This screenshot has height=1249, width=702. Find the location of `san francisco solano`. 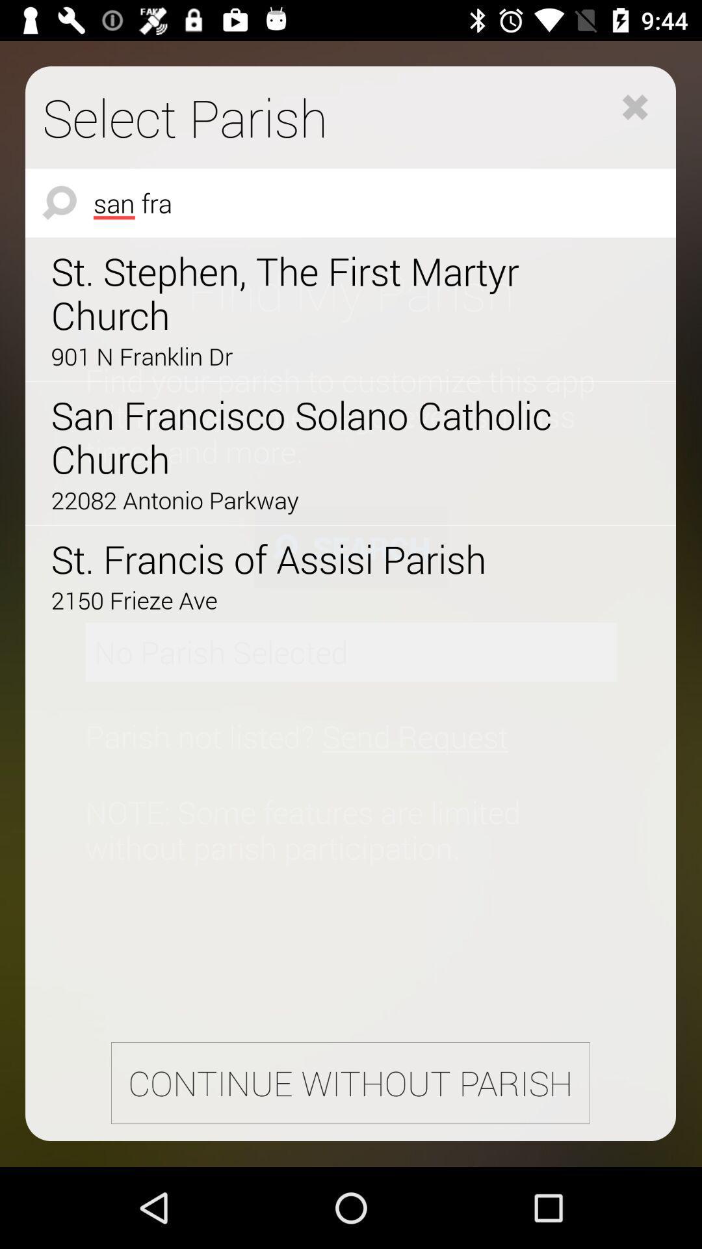

san francisco solano is located at coordinates (314, 437).